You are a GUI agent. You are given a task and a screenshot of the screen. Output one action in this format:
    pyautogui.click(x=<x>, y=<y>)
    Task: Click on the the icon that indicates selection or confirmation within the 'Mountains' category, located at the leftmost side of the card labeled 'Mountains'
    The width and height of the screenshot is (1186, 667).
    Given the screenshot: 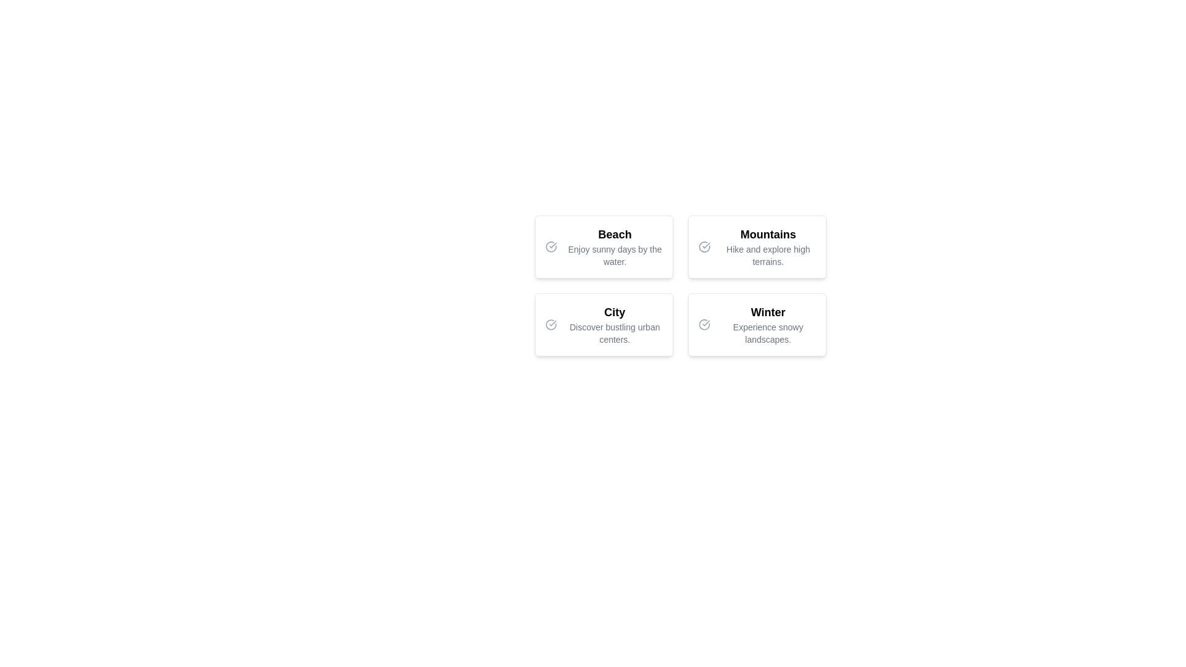 What is the action you would take?
    pyautogui.click(x=704, y=247)
    